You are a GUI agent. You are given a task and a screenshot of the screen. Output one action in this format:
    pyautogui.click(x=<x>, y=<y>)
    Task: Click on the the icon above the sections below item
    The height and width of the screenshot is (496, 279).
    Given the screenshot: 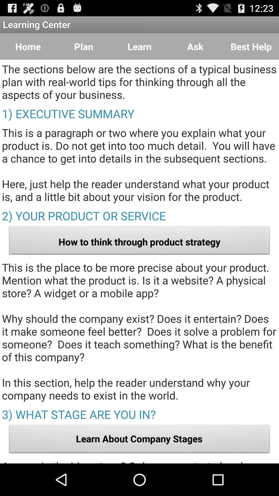 What is the action you would take?
    pyautogui.click(x=195, y=47)
    